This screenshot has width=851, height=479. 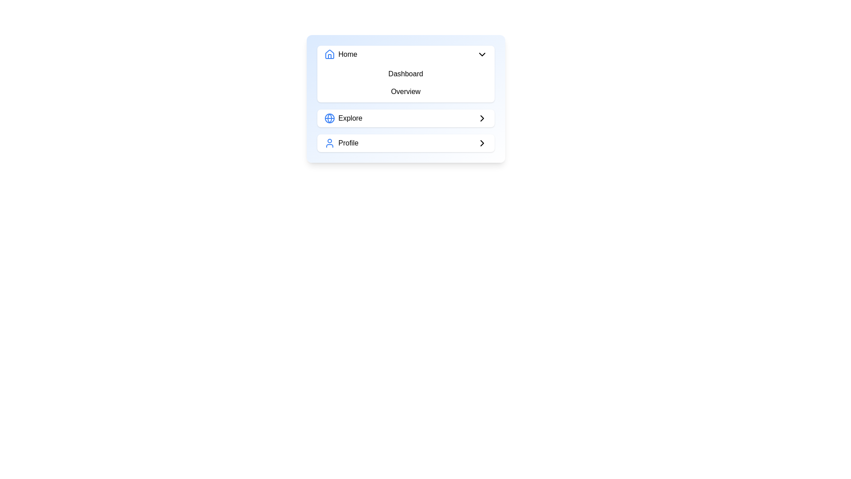 What do you see at coordinates (329, 118) in the screenshot?
I see `the globe-shaped icon with blue stylization located next to the text 'Explore'` at bounding box center [329, 118].